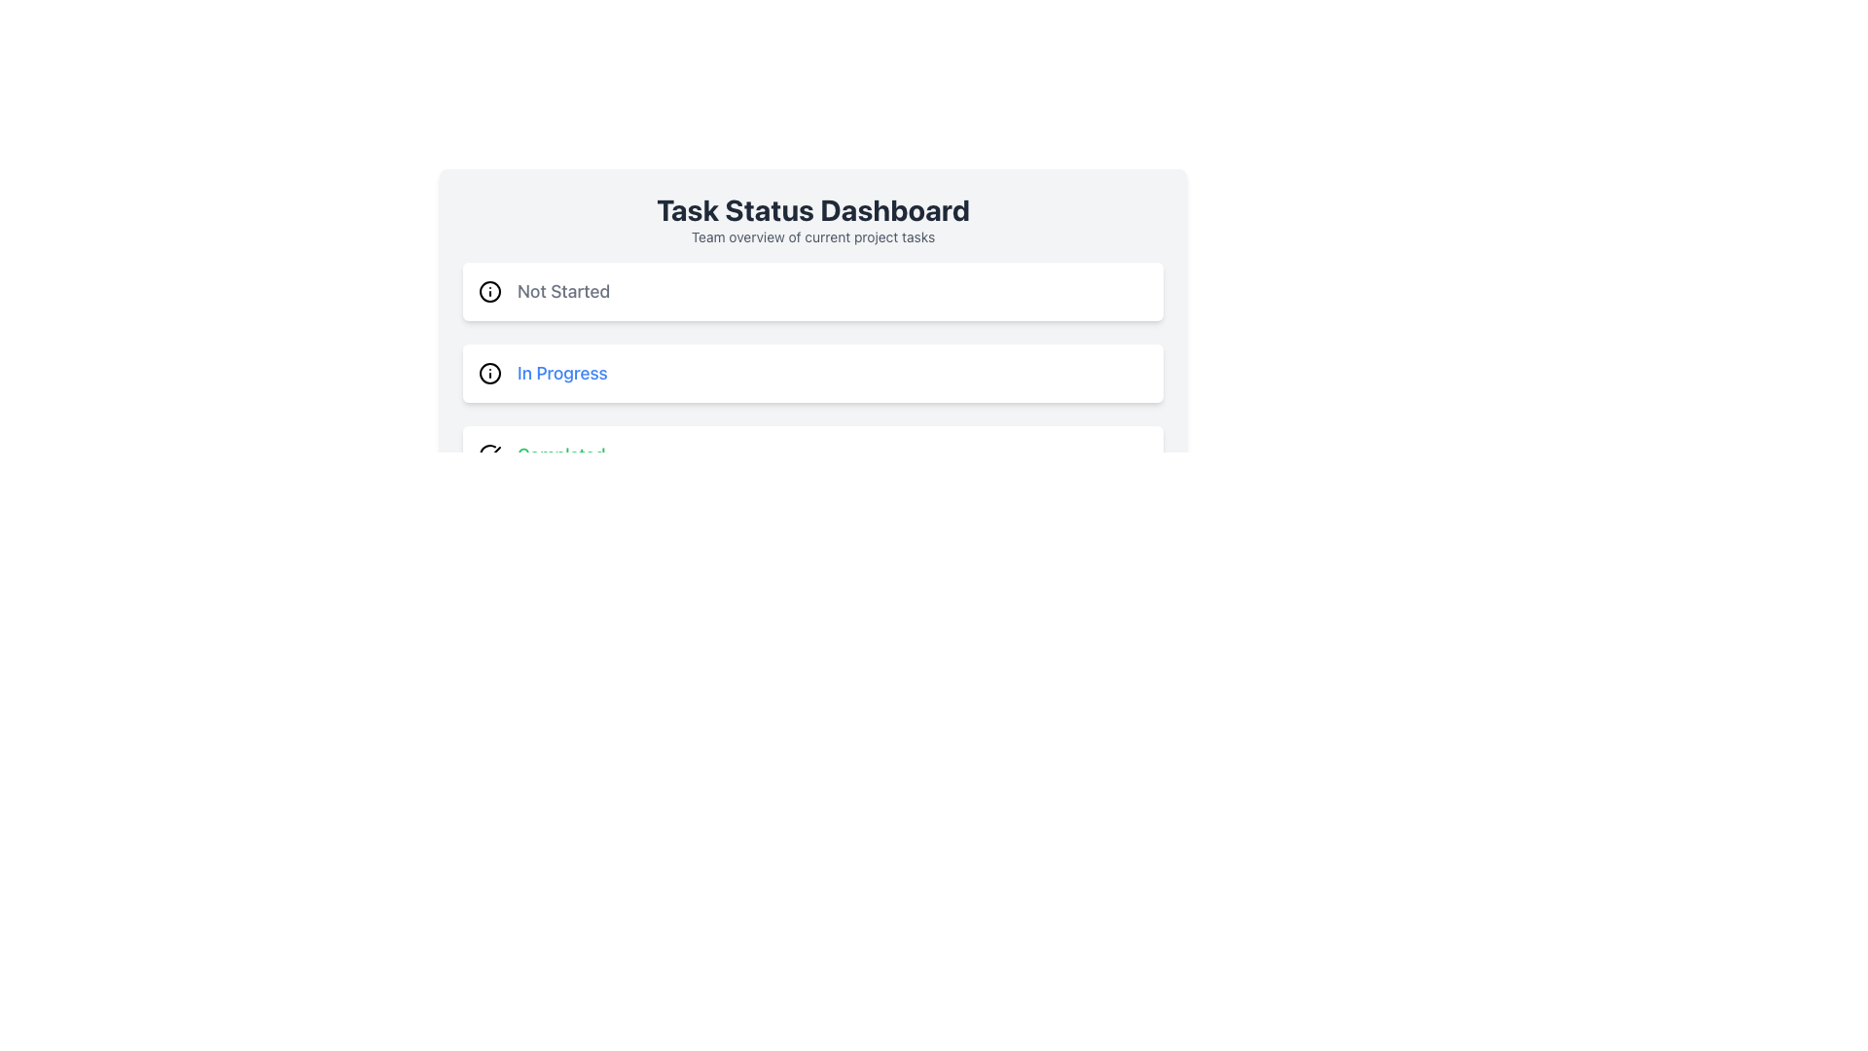 This screenshot has height=1051, width=1868. What do you see at coordinates (812, 236) in the screenshot?
I see `the text label that displays 'Team overview of current project tasks', which is styled in gray and located directly below the main title 'Task Status Dashboard'` at bounding box center [812, 236].